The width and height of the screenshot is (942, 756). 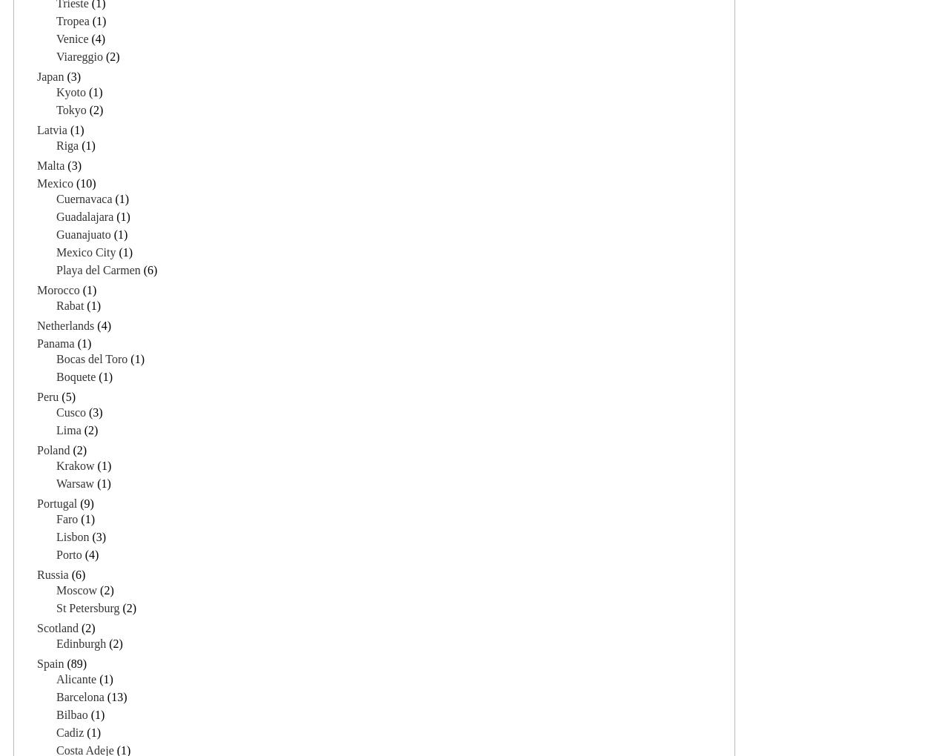 I want to click on '(13)', so click(x=114, y=695).